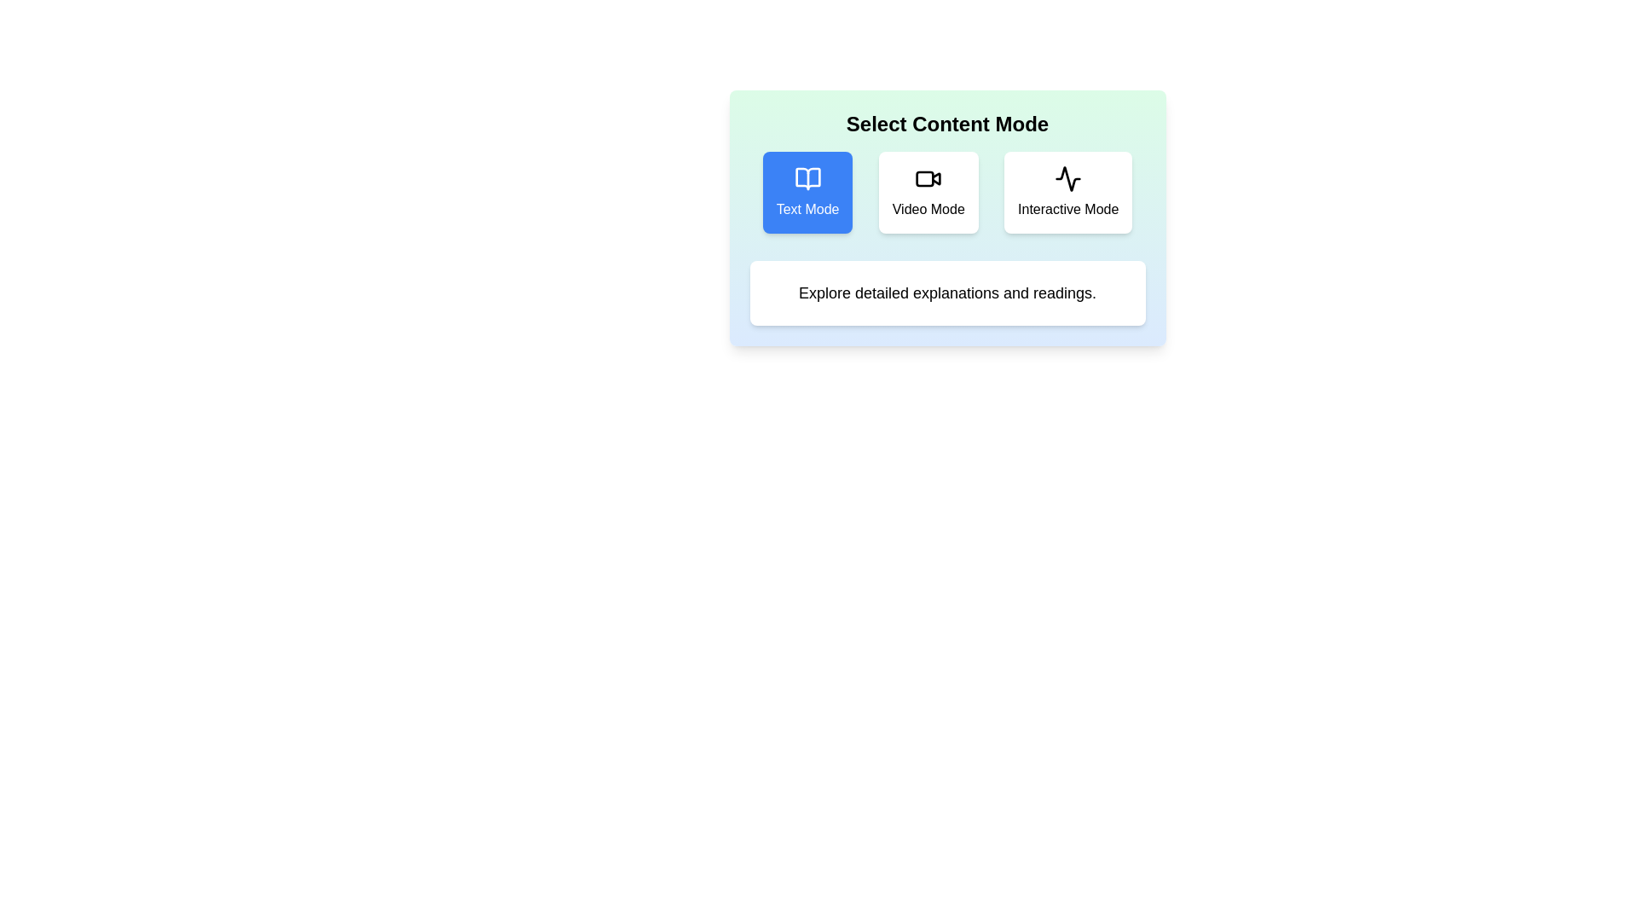 This screenshot has height=921, width=1637. I want to click on the Video Mode button to see its hover effect, so click(928, 192).